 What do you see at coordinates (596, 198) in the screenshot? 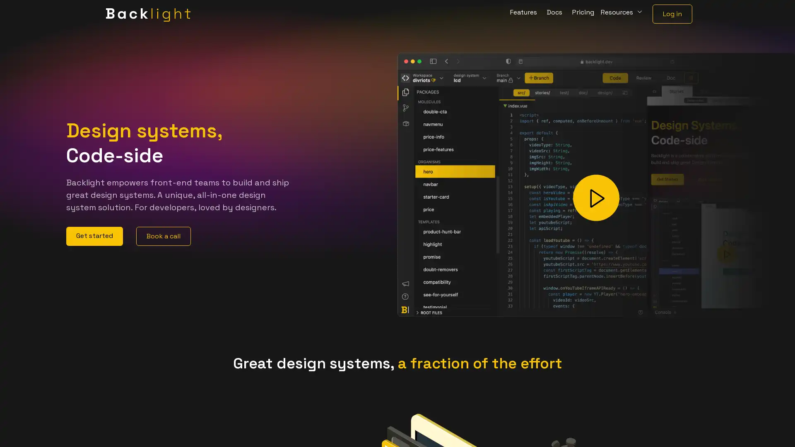
I see `Play button` at bounding box center [596, 198].